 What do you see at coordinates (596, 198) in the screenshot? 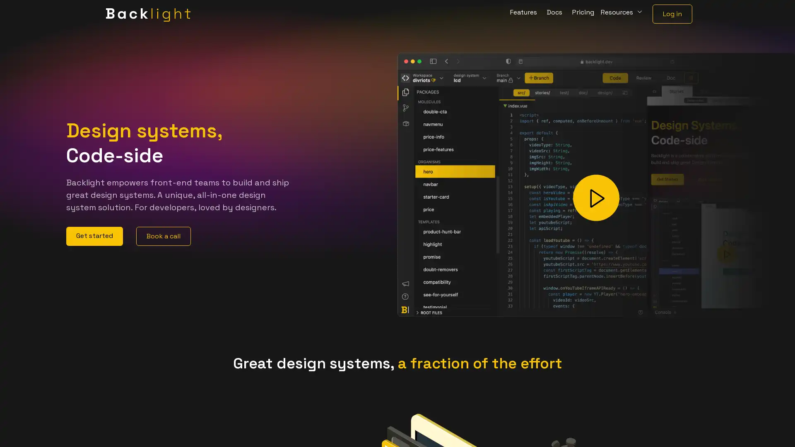
I see `Play button` at bounding box center [596, 198].